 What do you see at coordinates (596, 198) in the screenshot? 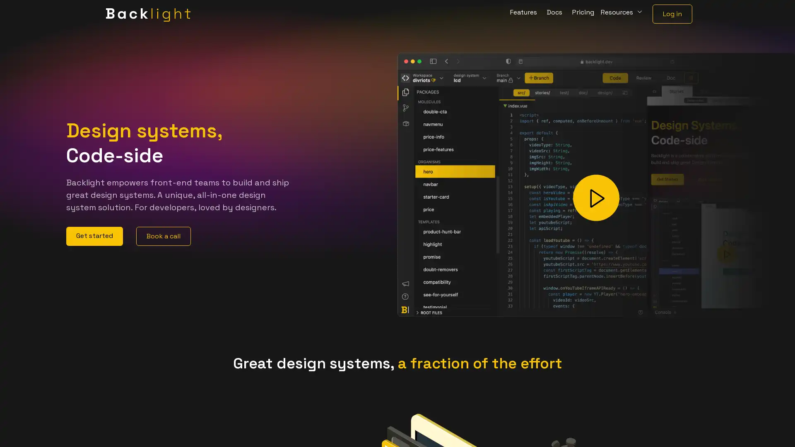
I see `Play button` at bounding box center [596, 198].